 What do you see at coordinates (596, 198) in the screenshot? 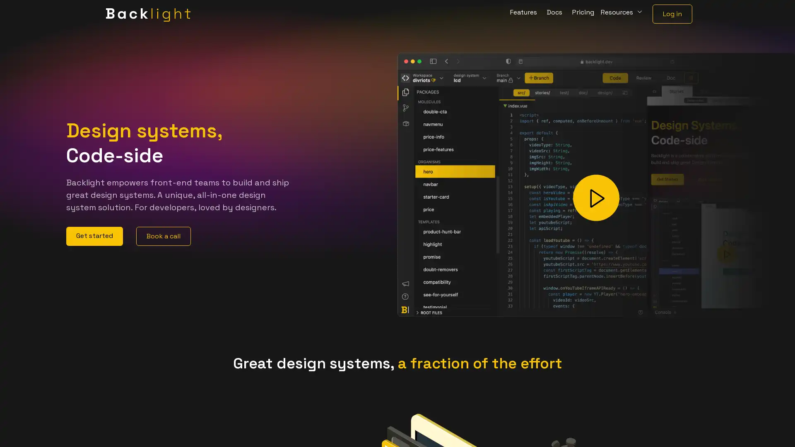
I see `Play button` at bounding box center [596, 198].